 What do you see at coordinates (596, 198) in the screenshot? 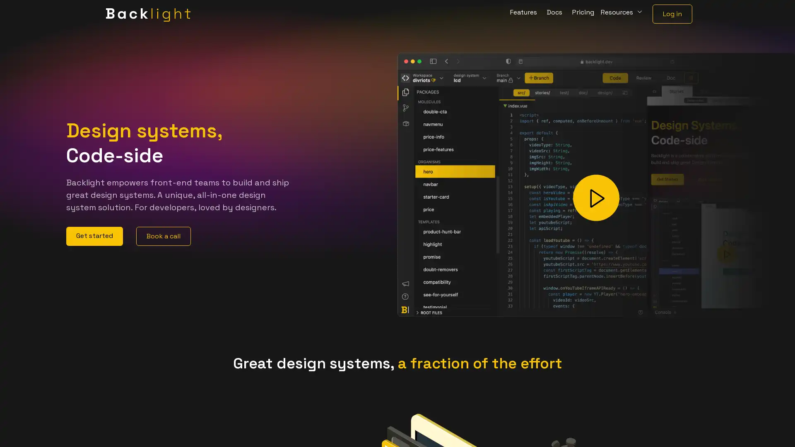
I see `Play button` at bounding box center [596, 198].